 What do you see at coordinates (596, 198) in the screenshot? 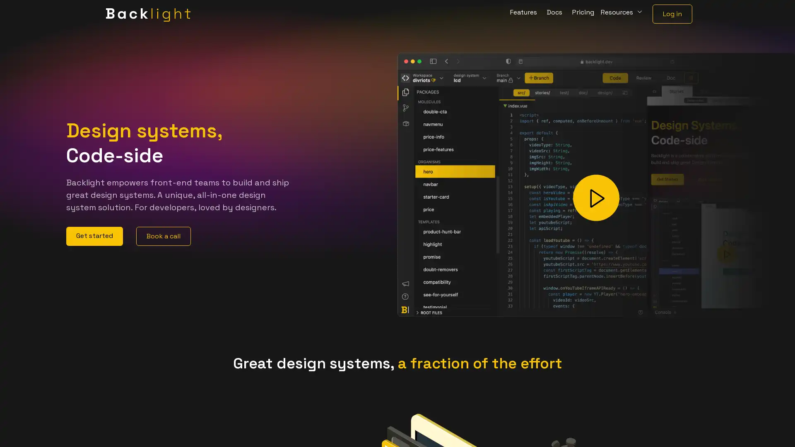
I see `Play button` at bounding box center [596, 198].